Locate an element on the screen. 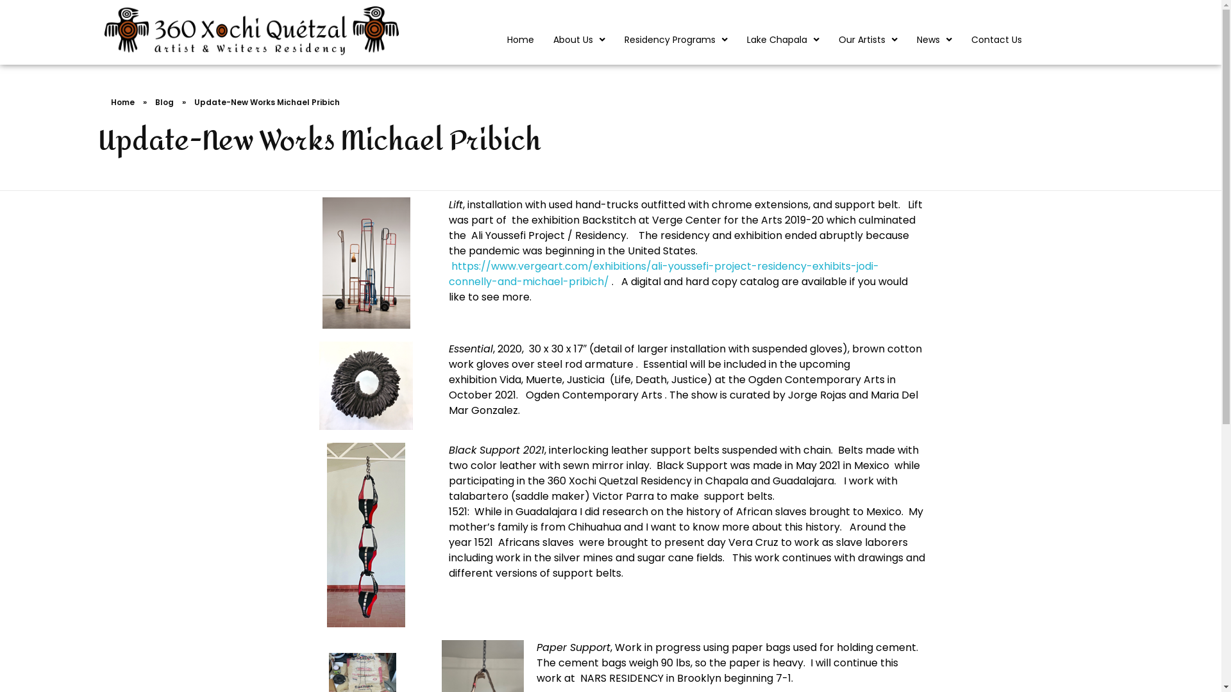 This screenshot has height=692, width=1231. 'Blog' is located at coordinates (163, 101).